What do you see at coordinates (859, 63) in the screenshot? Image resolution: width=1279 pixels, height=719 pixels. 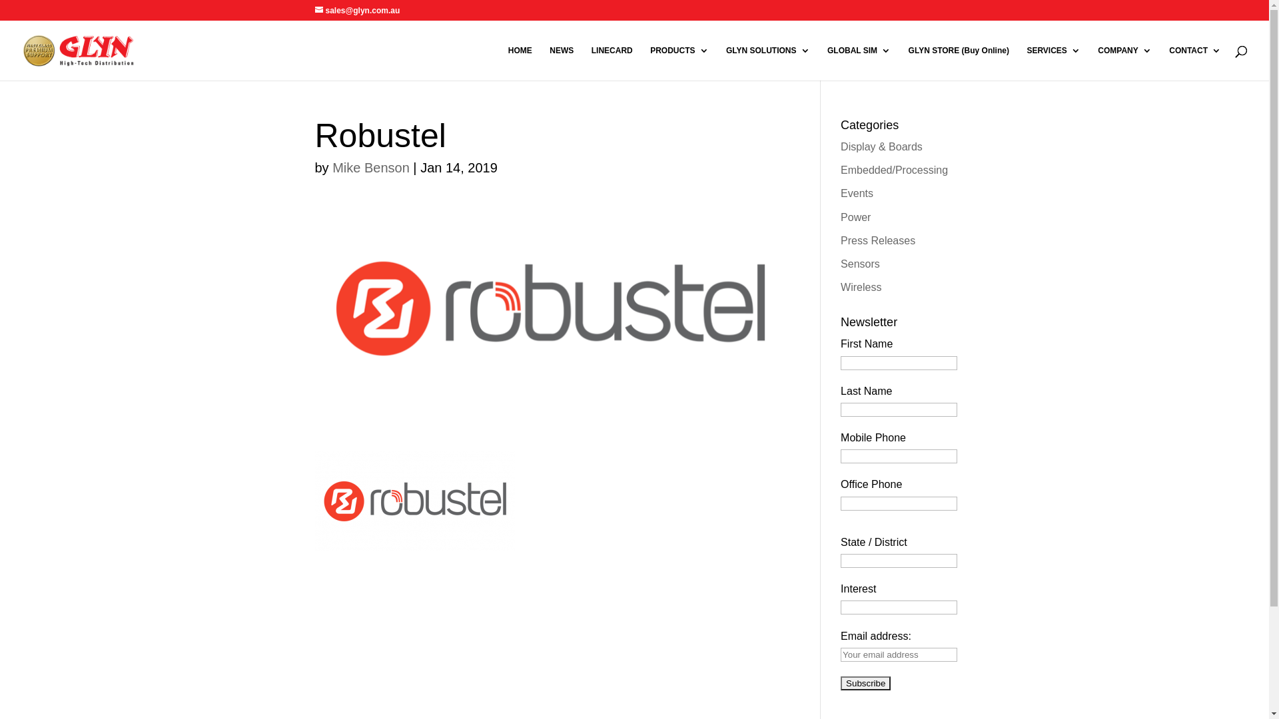 I see `'GLOBAL SIM'` at bounding box center [859, 63].